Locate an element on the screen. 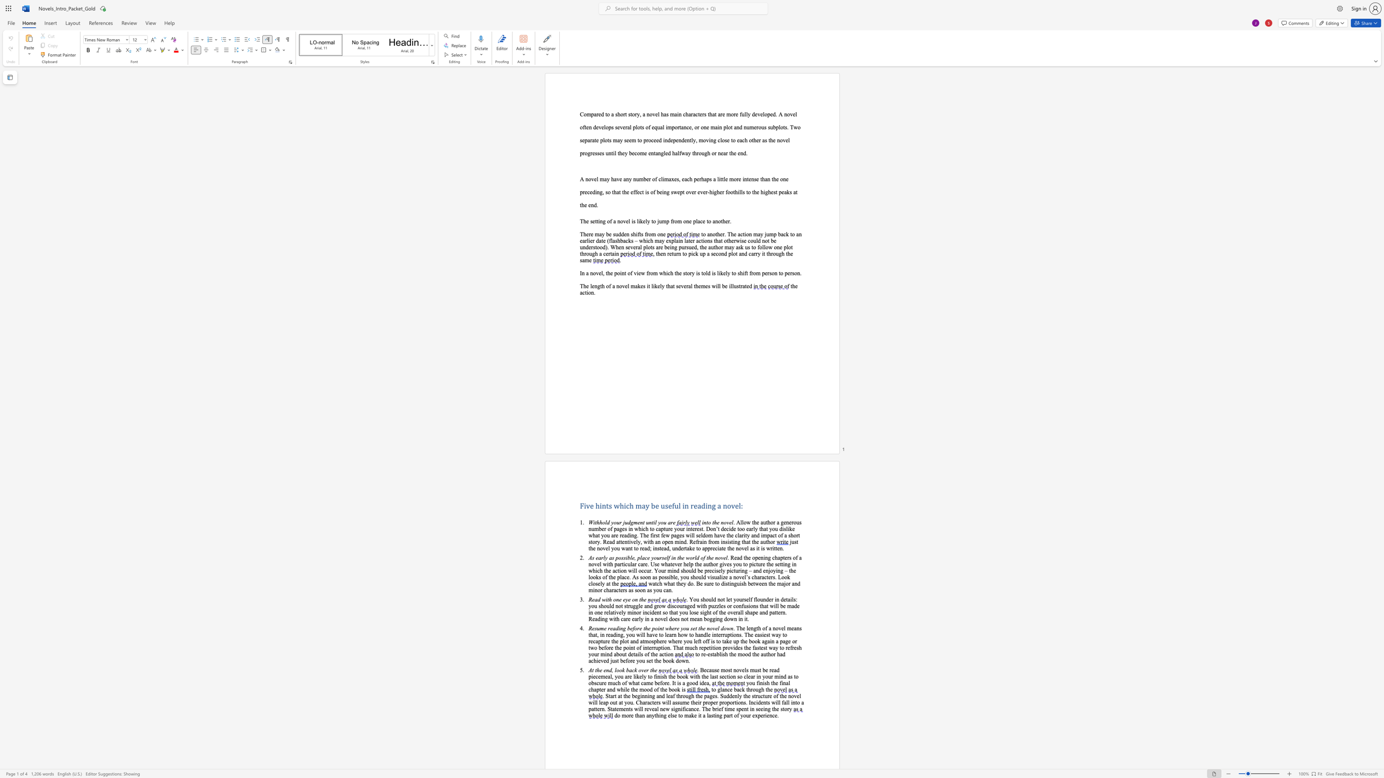 This screenshot has width=1384, height=778. the subset text "he book i" within the text "and while the mood of the book is" is located at coordinates (661, 689).